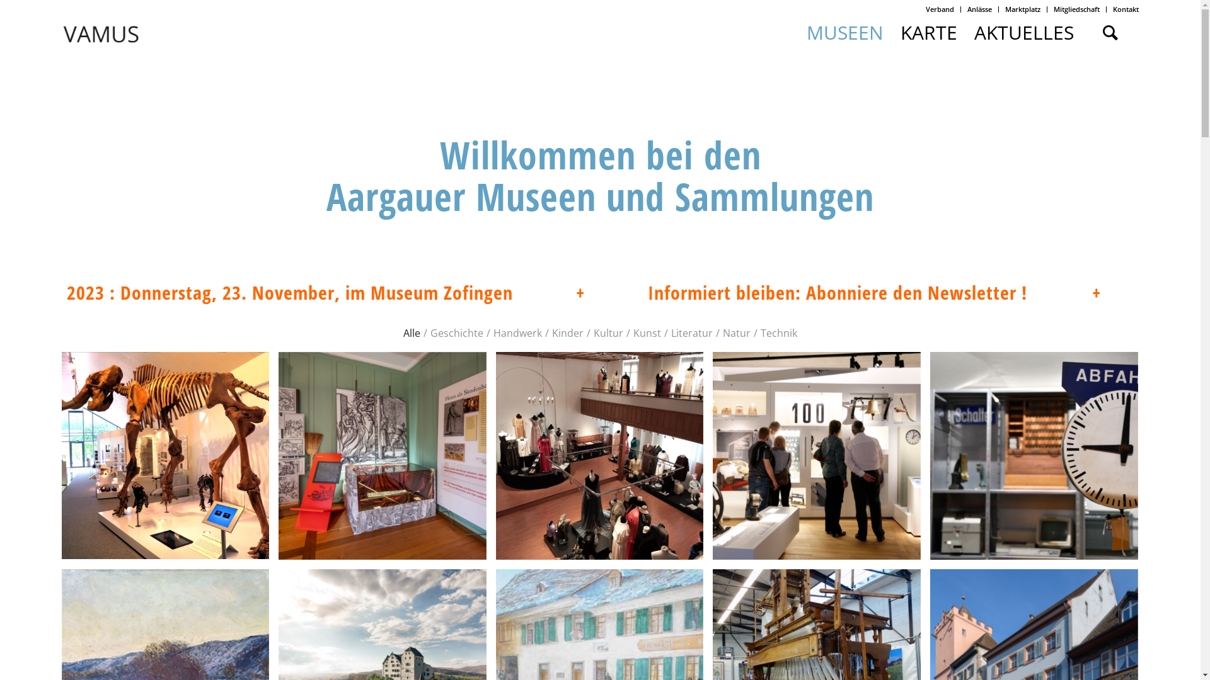  I want to click on 'Modesammlung Uerkheim', so click(599, 455).